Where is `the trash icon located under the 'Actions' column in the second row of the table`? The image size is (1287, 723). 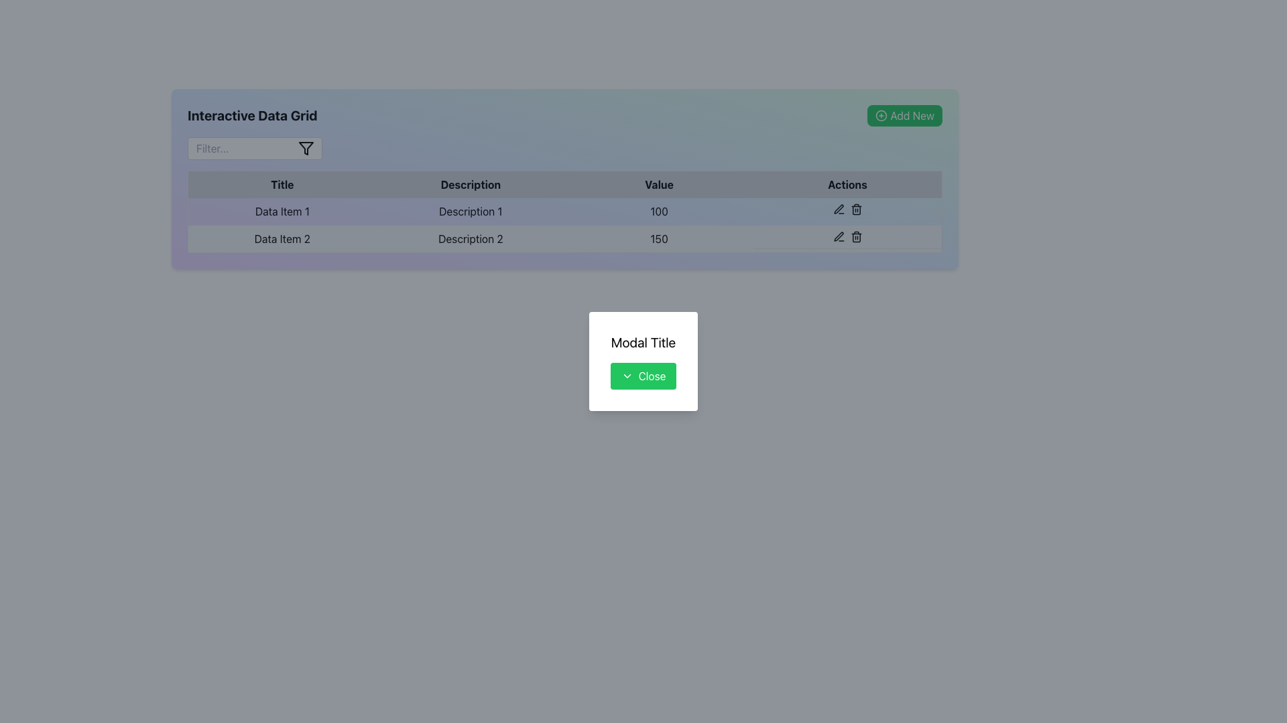 the trash icon located under the 'Actions' column in the second row of the table is located at coordinates (855, 236).